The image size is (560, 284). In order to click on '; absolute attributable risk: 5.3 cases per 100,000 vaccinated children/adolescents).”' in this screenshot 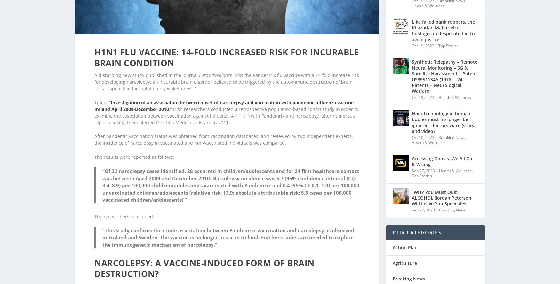, I will do `click(227, 187)`.